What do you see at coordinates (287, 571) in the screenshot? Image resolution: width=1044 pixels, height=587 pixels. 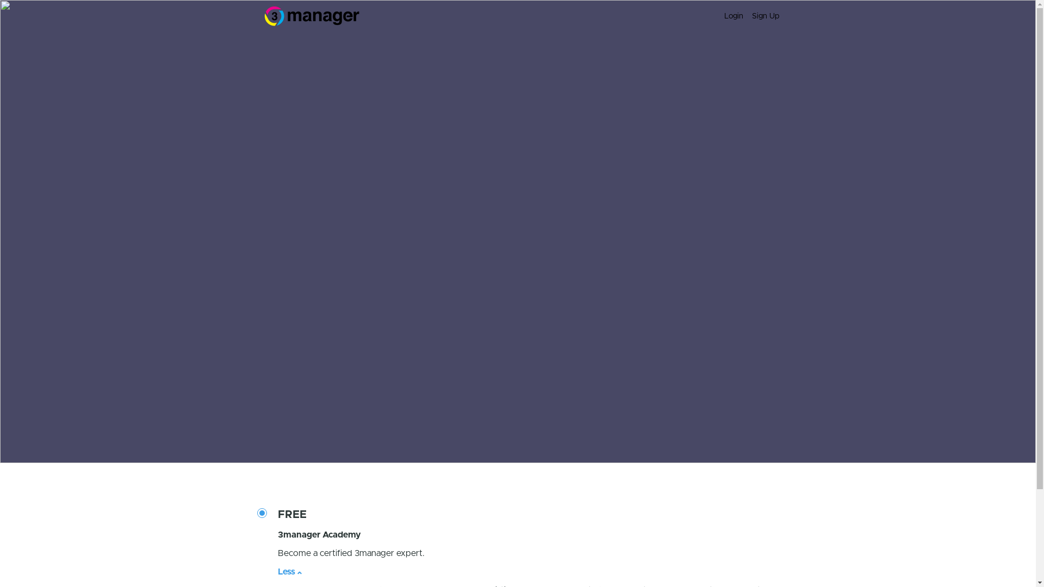 I see `'Less'` at bounding box center [287, 571].